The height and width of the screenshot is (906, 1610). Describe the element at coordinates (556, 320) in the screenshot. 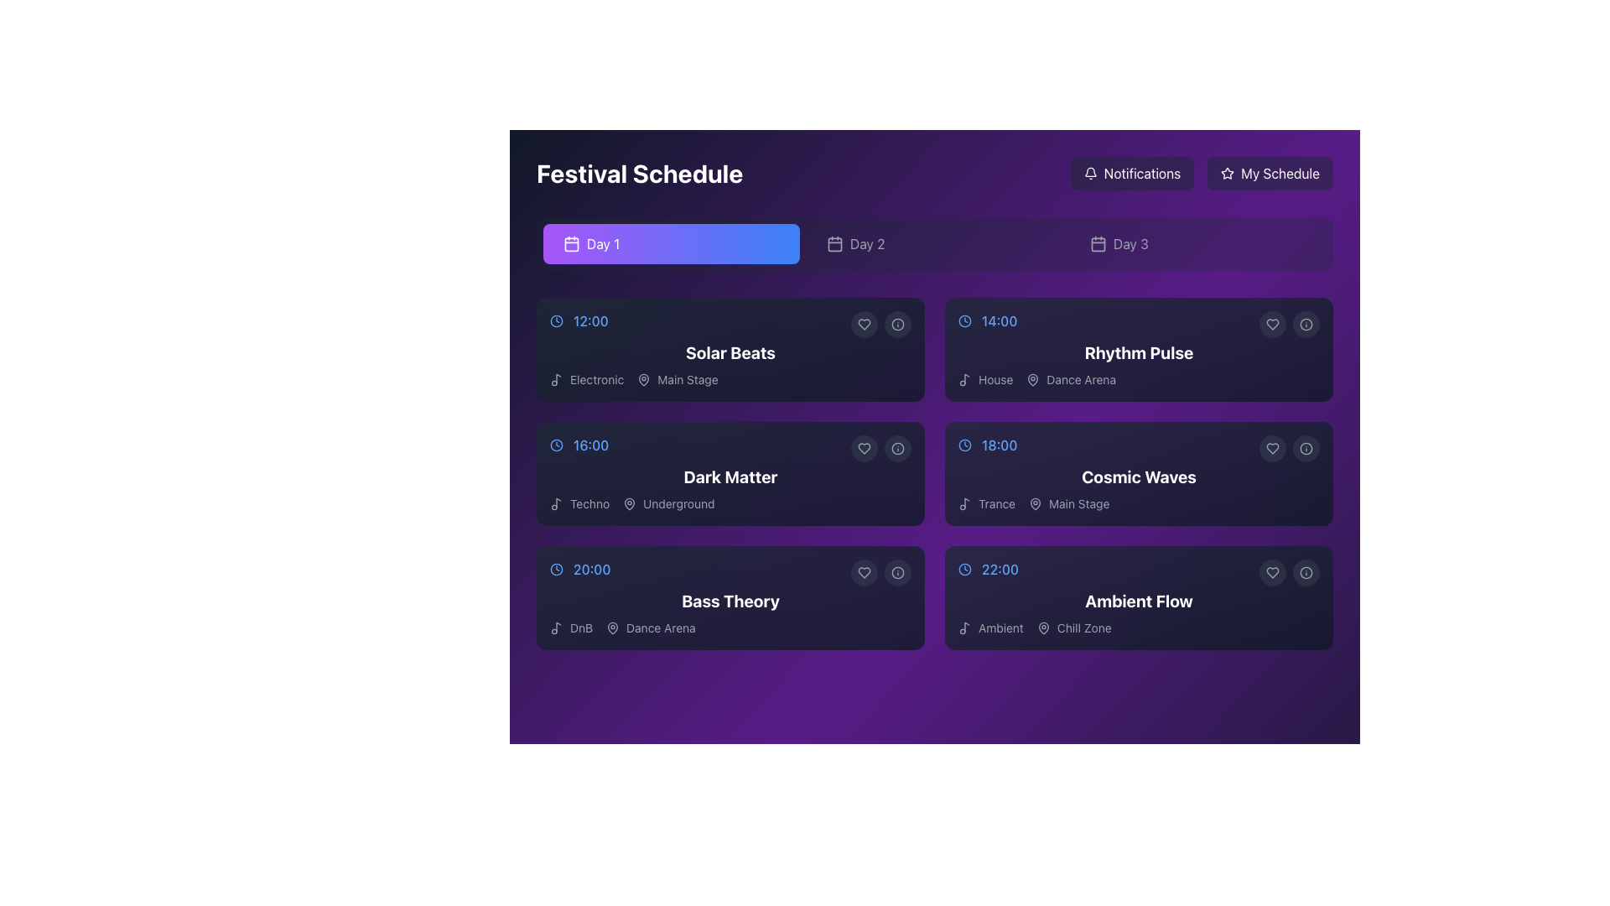

I see `the clock icon that visually represents the scheduled time for the event, located to the left of the time text '12:00' in the 'Solar Beats' list item` at that location.